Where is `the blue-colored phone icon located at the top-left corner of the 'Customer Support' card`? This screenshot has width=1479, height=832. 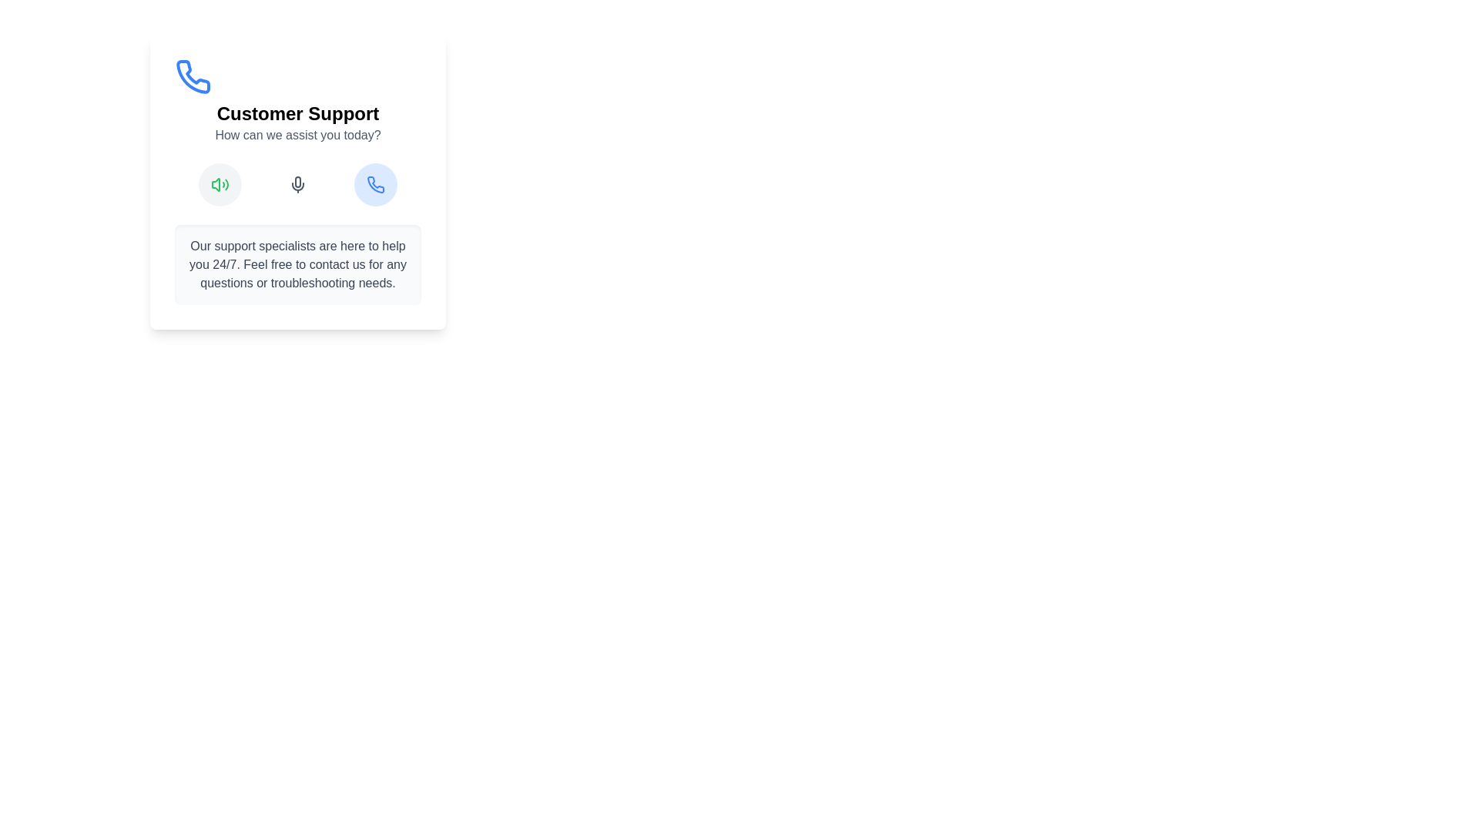 the blue-colored phone icon located at the top-left corner of the 'Customer Support' card is located at coordinates (376, 183).